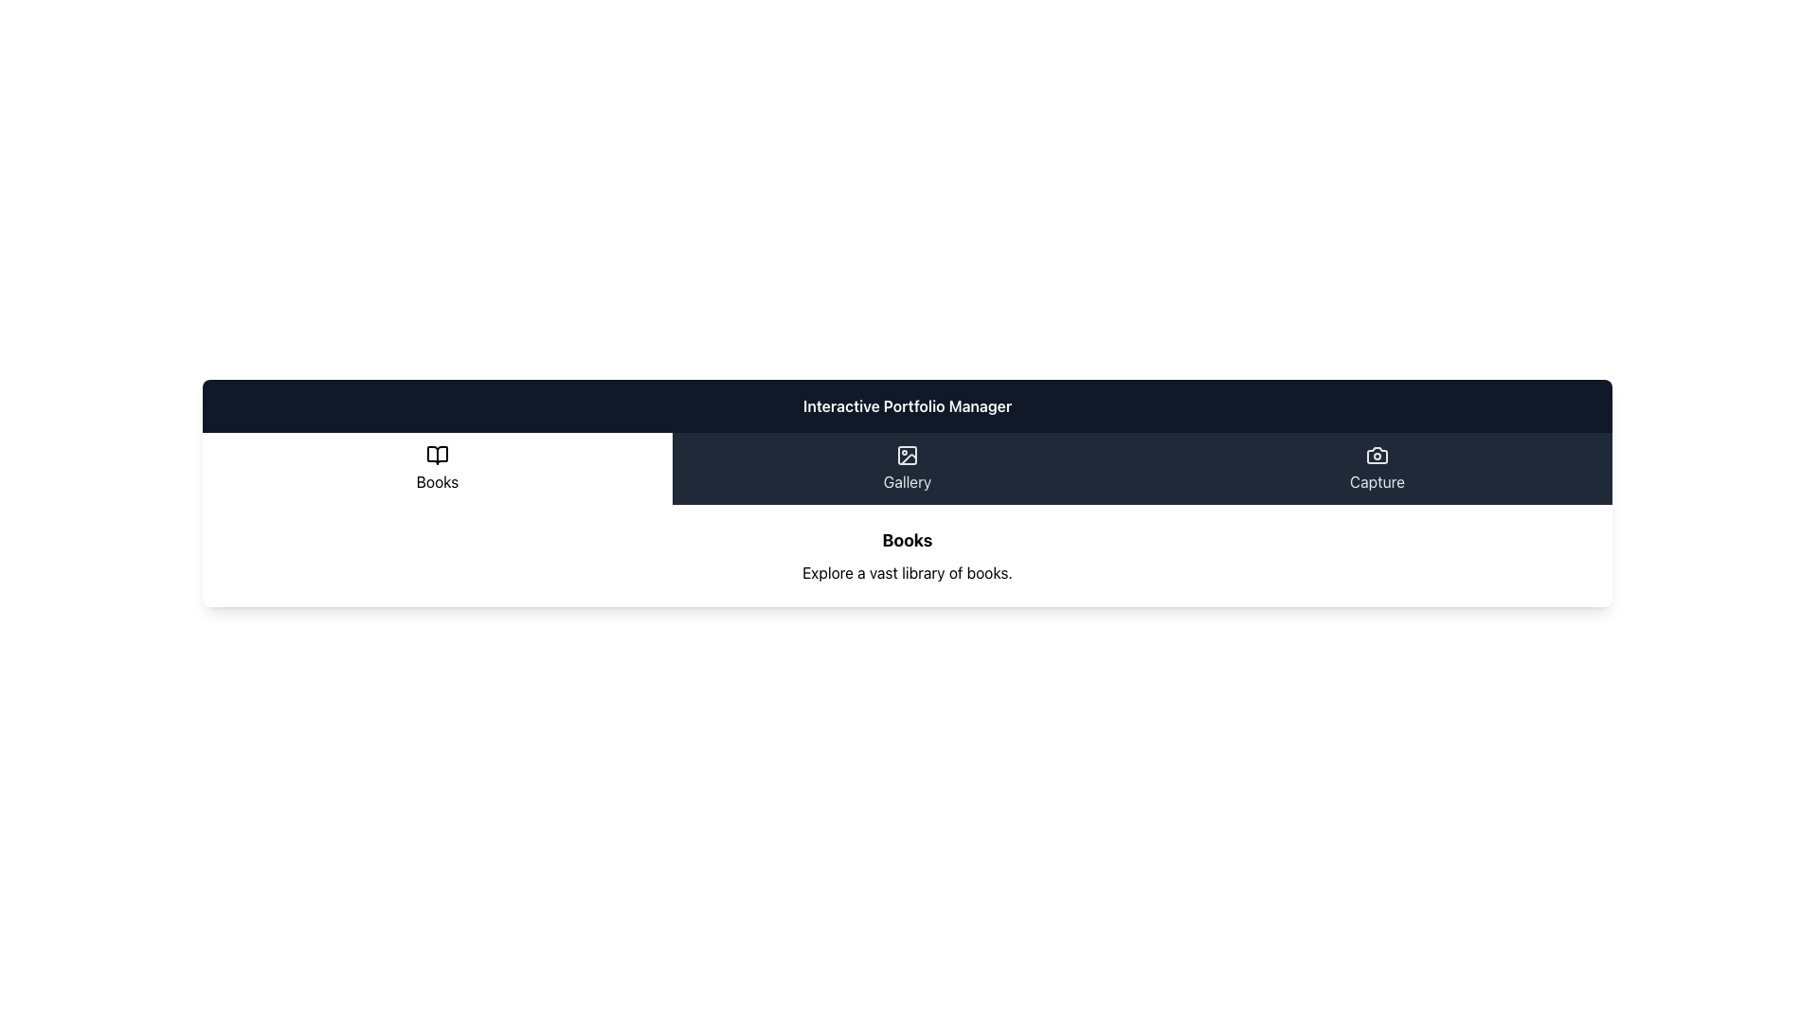 The image size is (1819, 1023). What do you see at coordinates (436, 468) in the screenshot?
I see `the 'Books' button, which features a white background with an open book icon and the word 'Books' in black, to trigger hover effects` at bounding box center [436, 468].